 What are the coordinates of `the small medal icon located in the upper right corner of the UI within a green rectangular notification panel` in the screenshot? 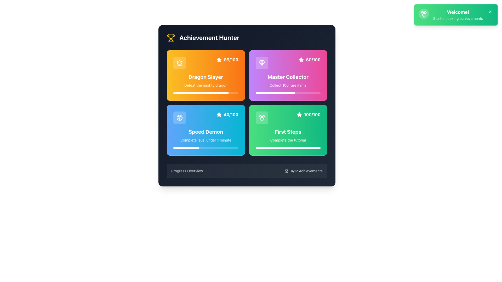 It's located at (424, 14).